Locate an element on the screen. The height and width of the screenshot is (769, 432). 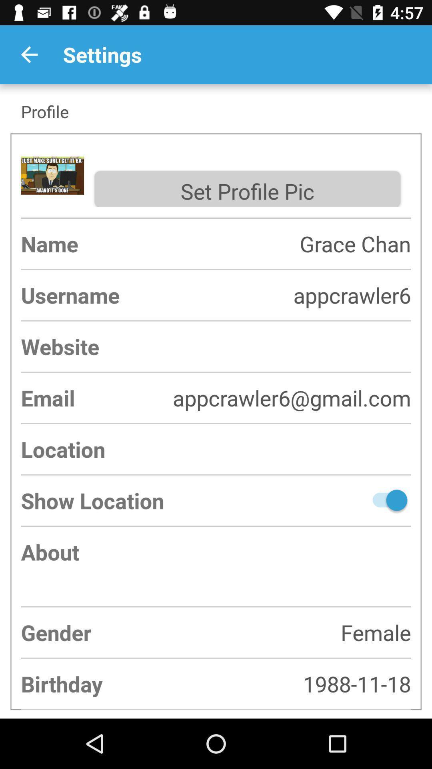
item next to settings is located at coordinates (29, 54).